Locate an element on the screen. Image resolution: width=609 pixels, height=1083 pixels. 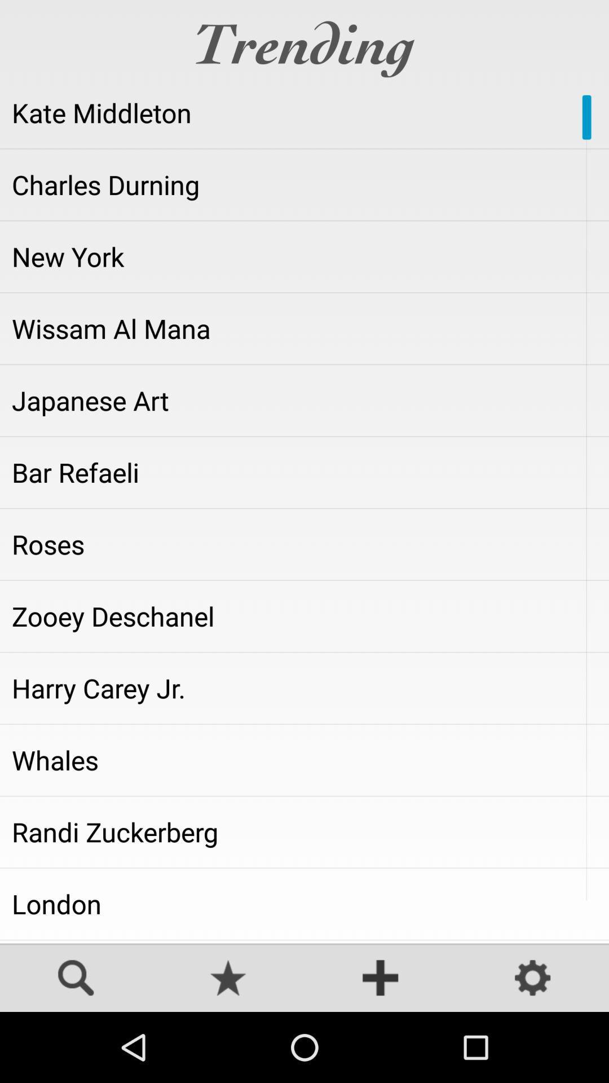
the icon at the bottom right corner is located at coordinates (533, 979).